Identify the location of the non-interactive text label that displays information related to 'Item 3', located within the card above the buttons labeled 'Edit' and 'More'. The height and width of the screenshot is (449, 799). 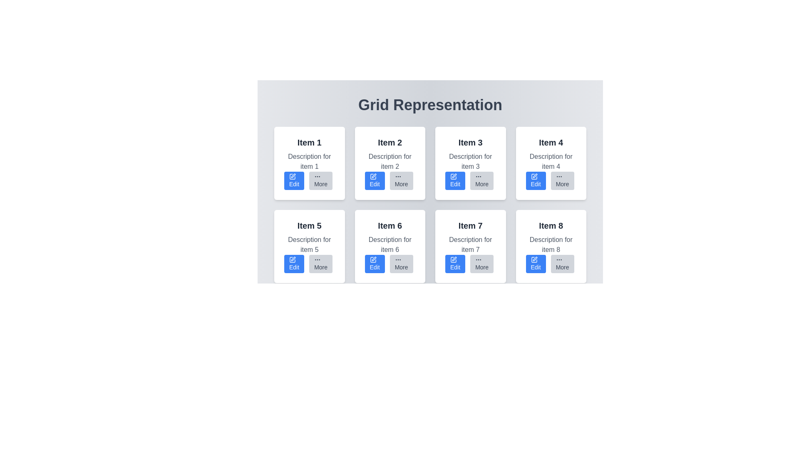
(470, 162).